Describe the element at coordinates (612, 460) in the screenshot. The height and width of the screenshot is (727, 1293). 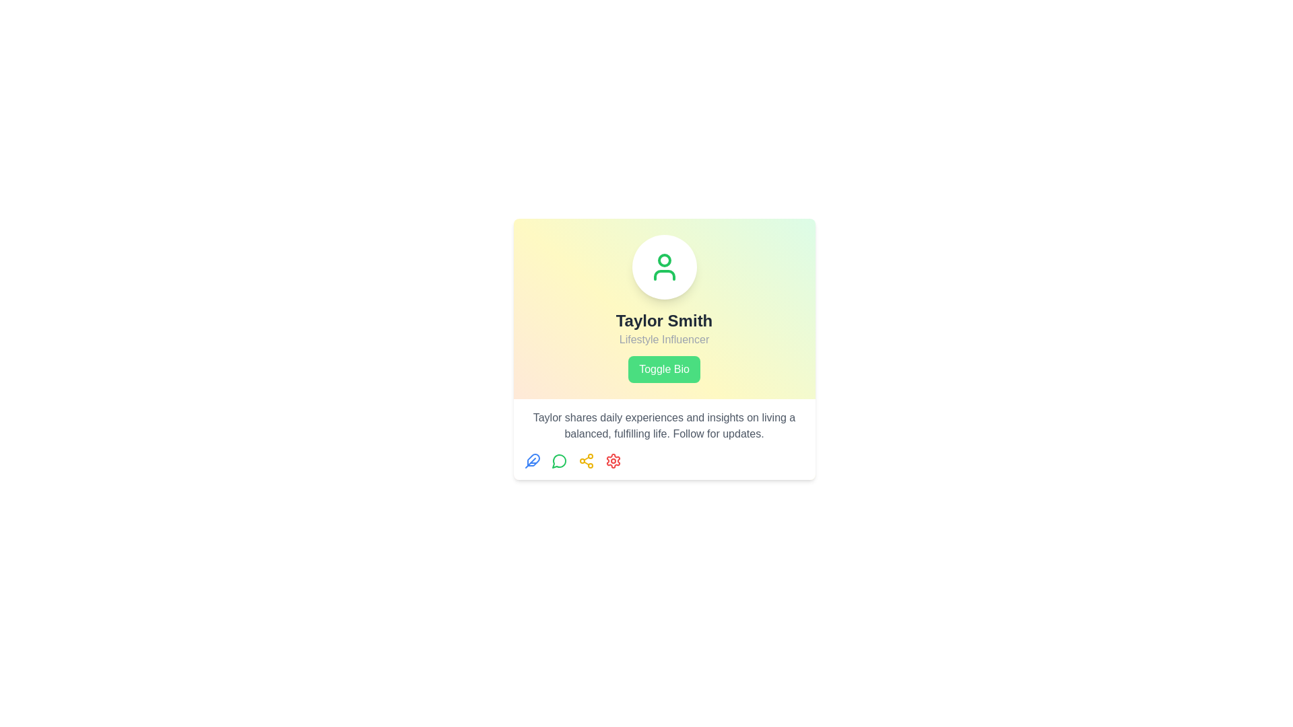
I see `the settings icon button, which is the fourth icon from the left` at that location.